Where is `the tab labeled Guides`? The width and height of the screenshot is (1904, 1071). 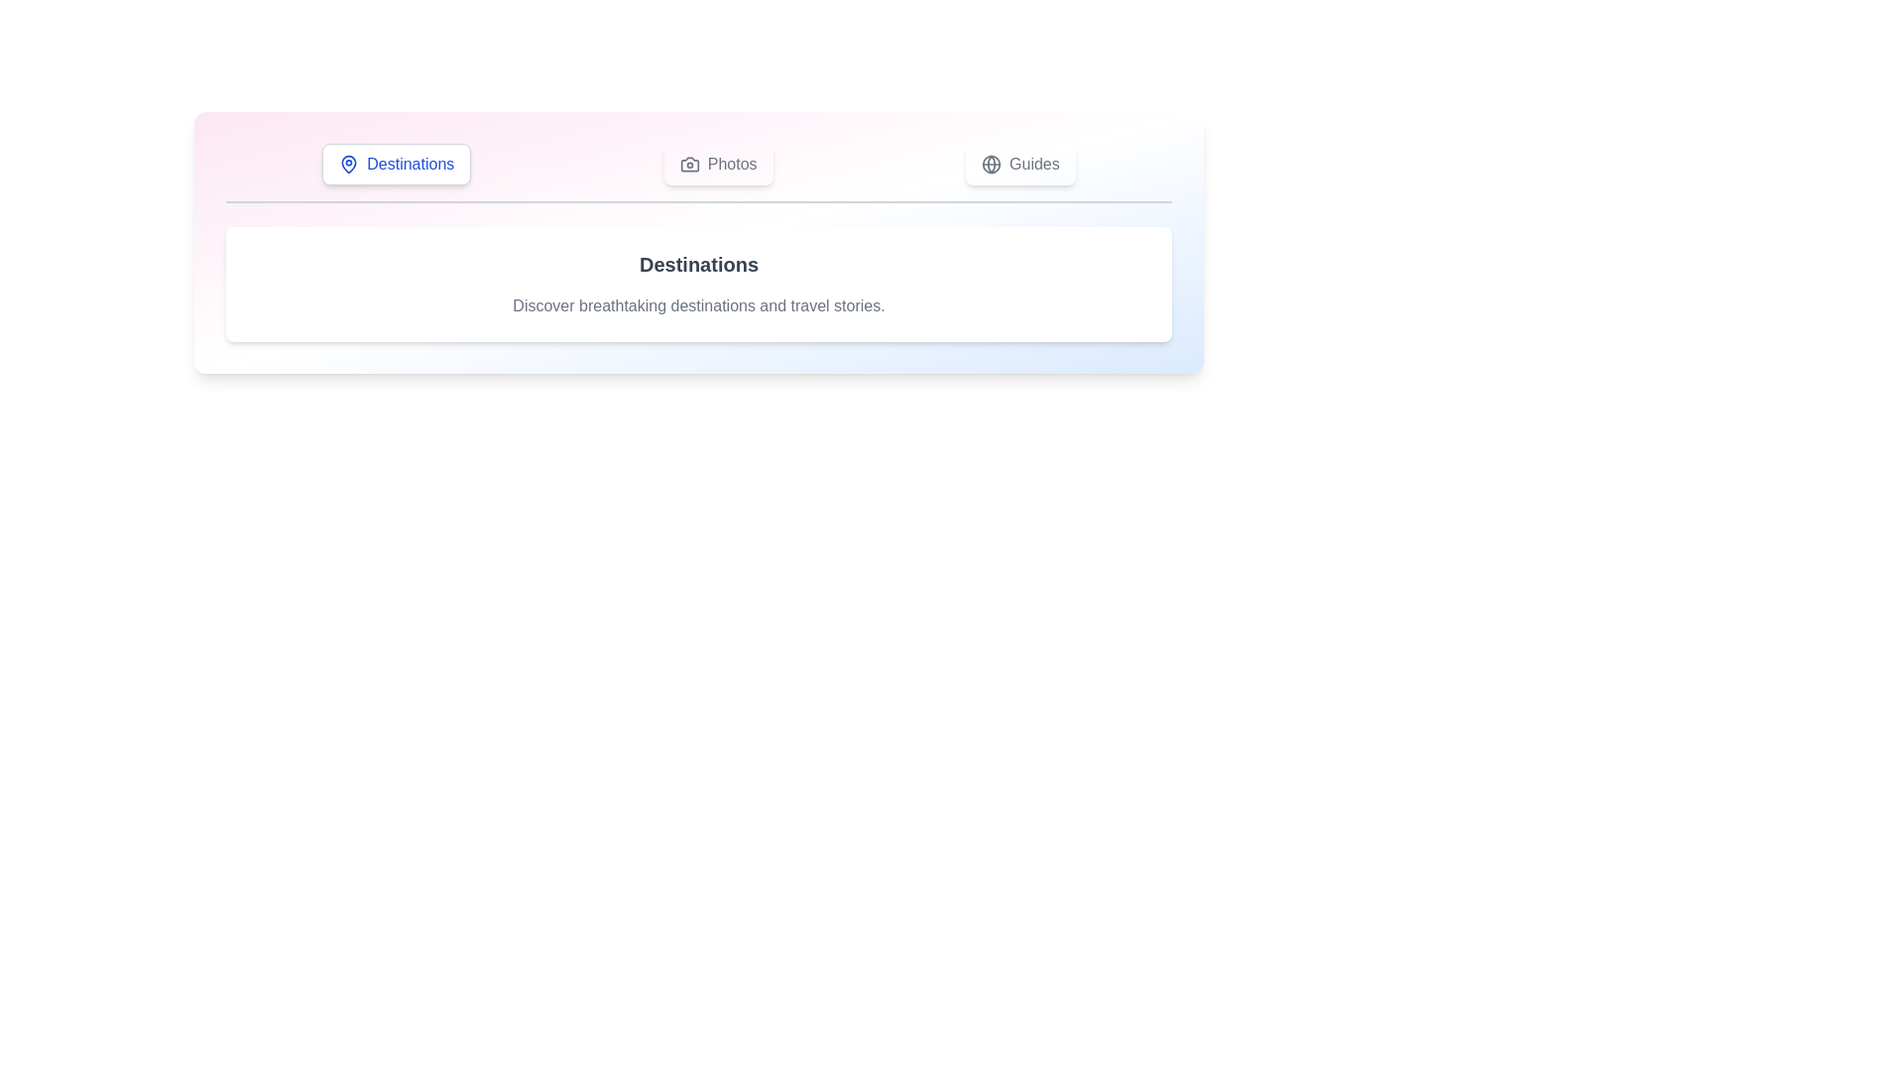 the tab labeled Guides is located at coordinates (1020, 163).